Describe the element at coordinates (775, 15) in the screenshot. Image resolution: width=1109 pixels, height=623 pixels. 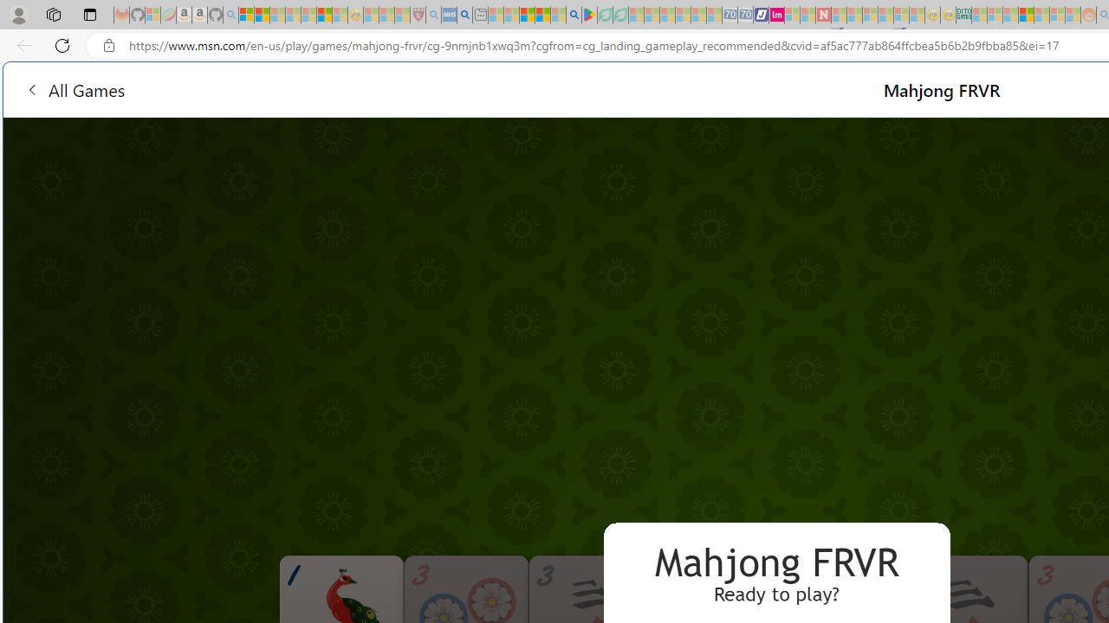
I see `'Jobs - lastminute.com Investor Portal'` at that location.